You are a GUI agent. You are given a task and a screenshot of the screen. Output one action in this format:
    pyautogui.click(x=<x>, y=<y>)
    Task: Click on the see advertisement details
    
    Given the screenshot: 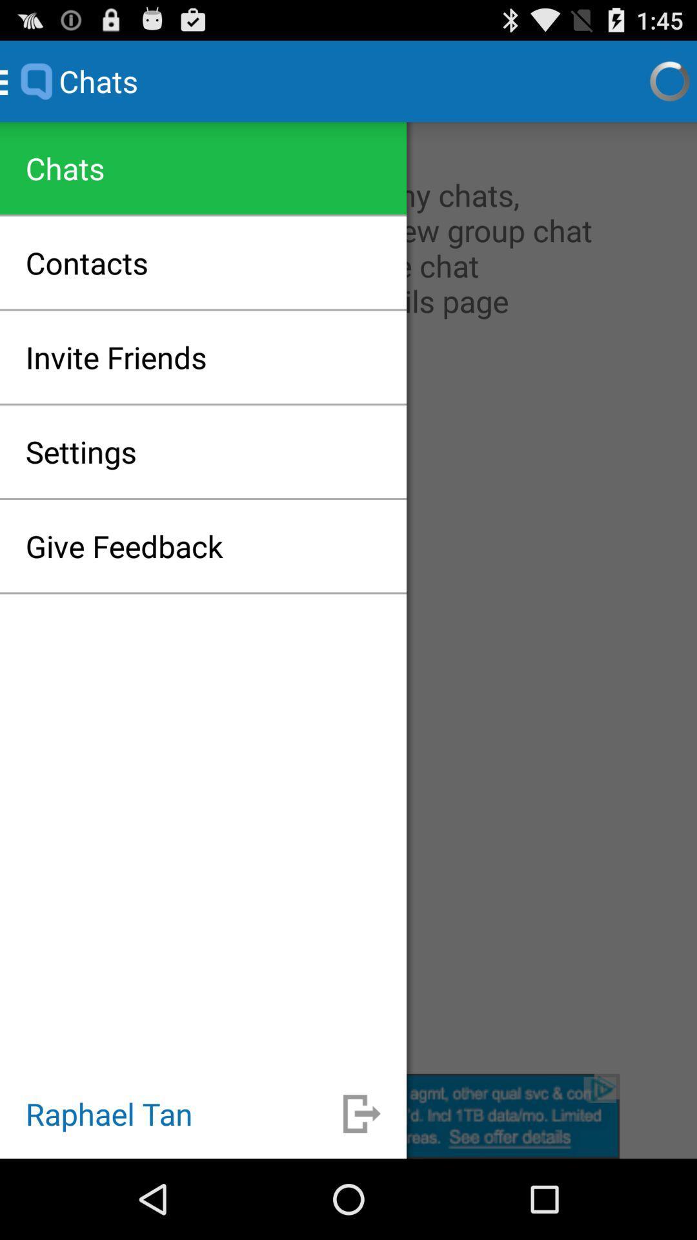 What is the action you would take?
    pyautogui.click(x=348, y=1115)
    